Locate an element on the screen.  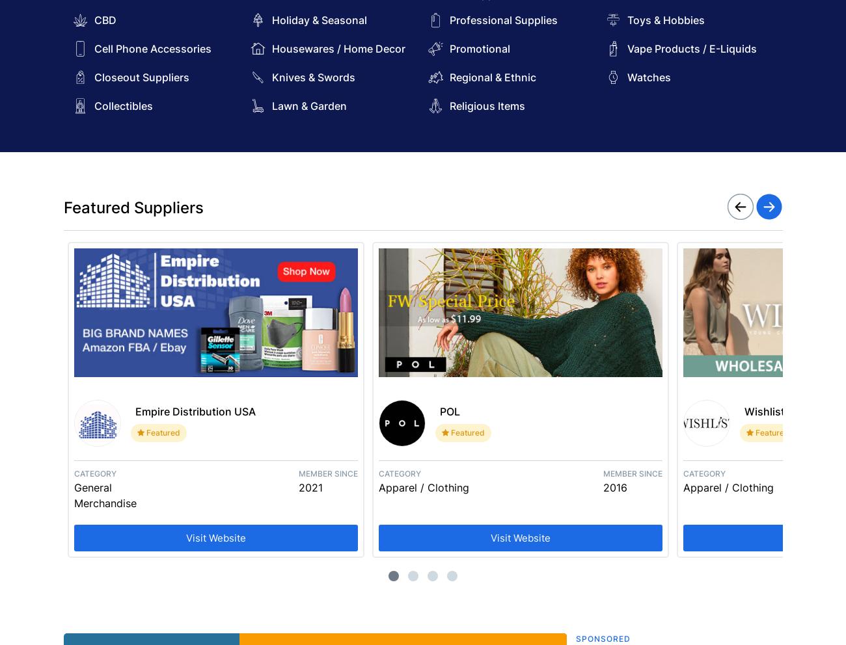
'General Merchandise' is located at coordinates (103, 494).